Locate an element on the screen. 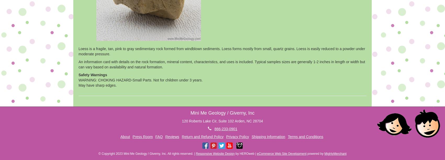 The image size is (445, 160). 'An information card with details on the rock formation, mineral content, characteristics, and uses is included. Typical samples sizes are generally 1-2 inches in length or width but can vary based on availability and natural formation.' is located at coordinates (221, 64).